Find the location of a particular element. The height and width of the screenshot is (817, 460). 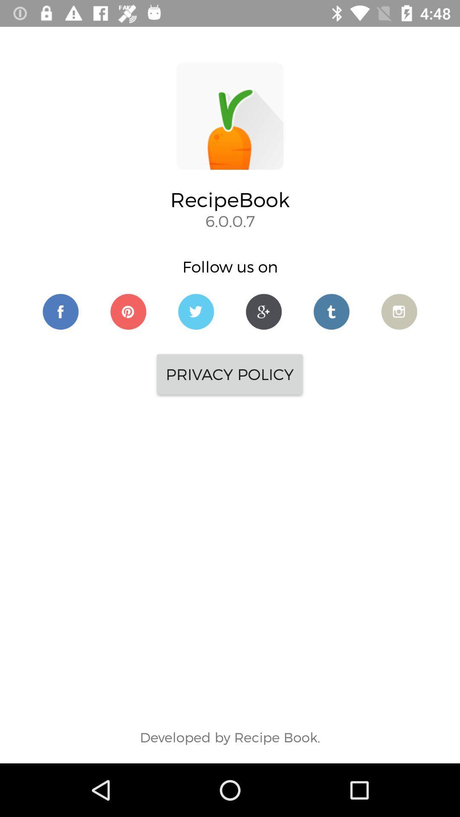

share to twitter is located at coordinates (196, 311).